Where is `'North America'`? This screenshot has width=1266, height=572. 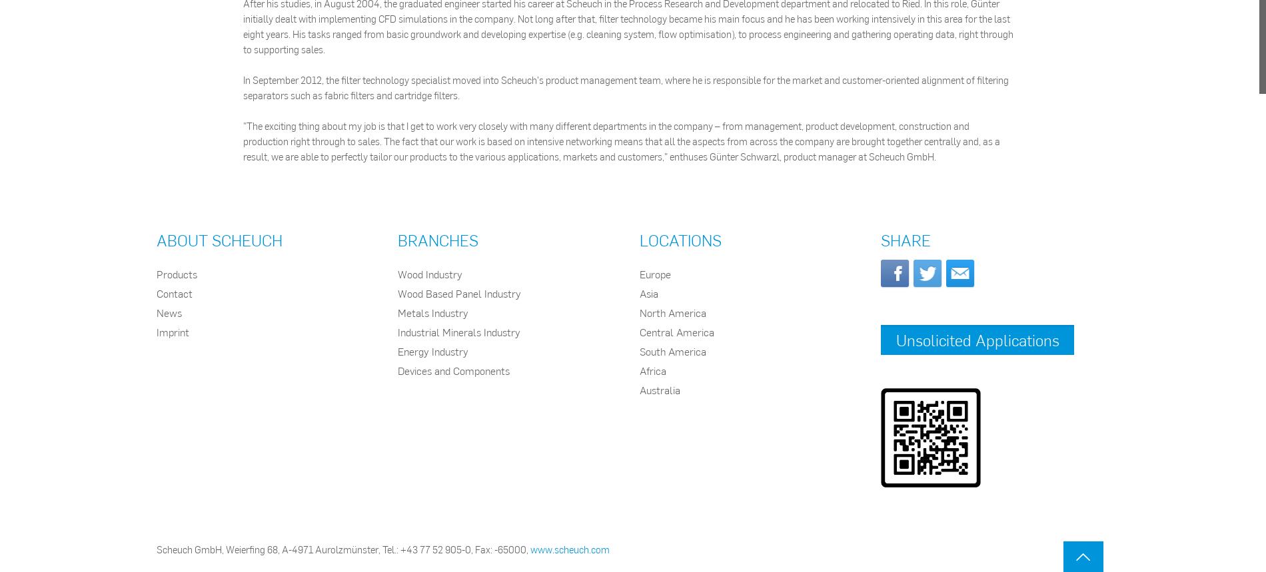 'North America' is located at coordinates (672, 312).